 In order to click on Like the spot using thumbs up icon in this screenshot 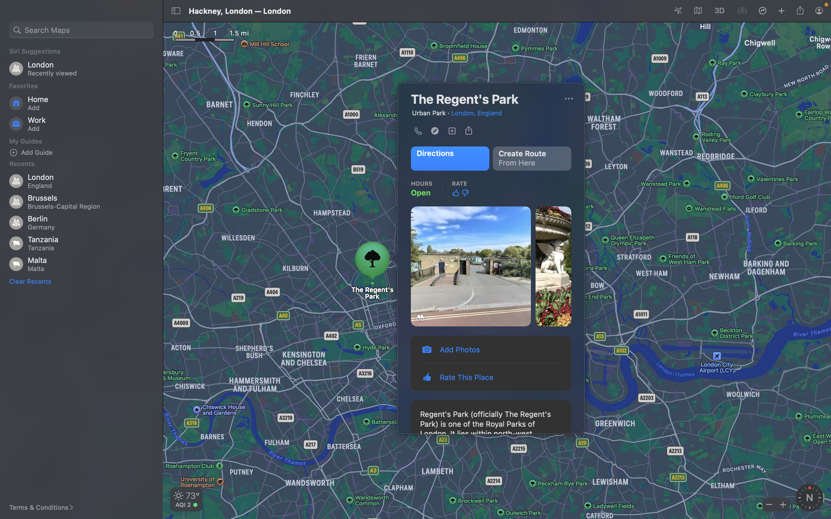, I will do `click(455, 193)`.